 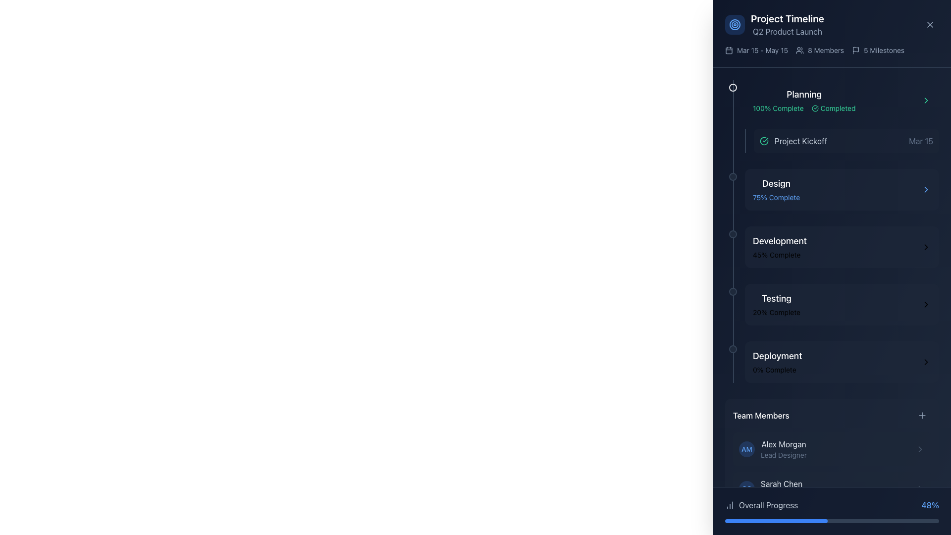 What do you see at coordinates (772, 449) in the screenshot?
I see `the Profile Component for 'Alex Morgan', the Lead Designer` at bounding box center [772, 449].